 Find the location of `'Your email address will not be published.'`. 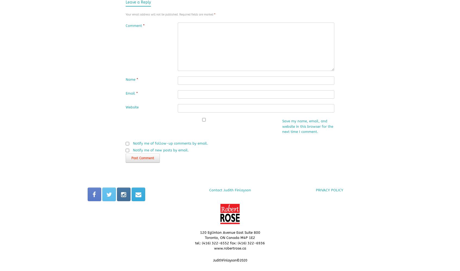

'Your email address will not be published.' is located at coordinates (152, 14).